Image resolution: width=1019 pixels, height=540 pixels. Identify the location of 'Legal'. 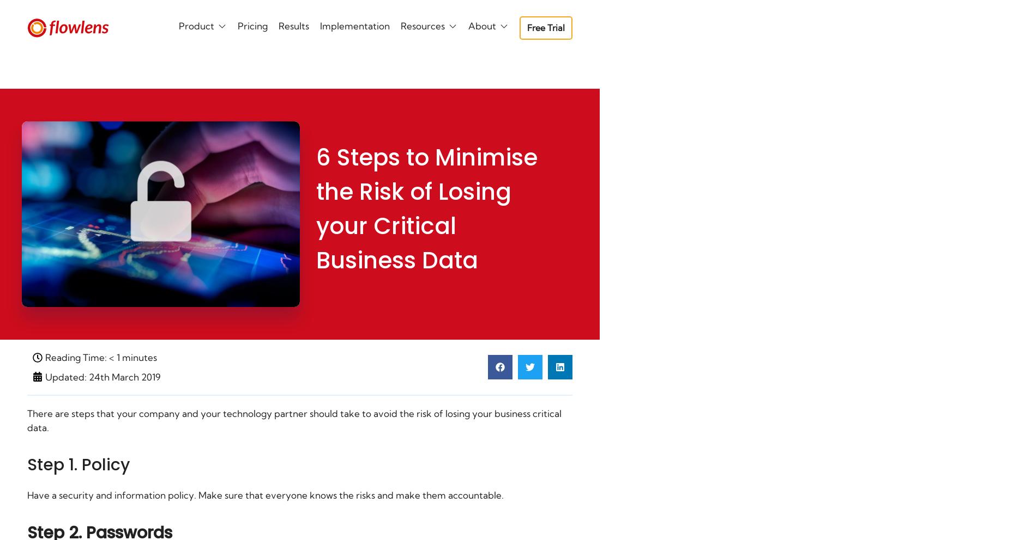
(406, 77).